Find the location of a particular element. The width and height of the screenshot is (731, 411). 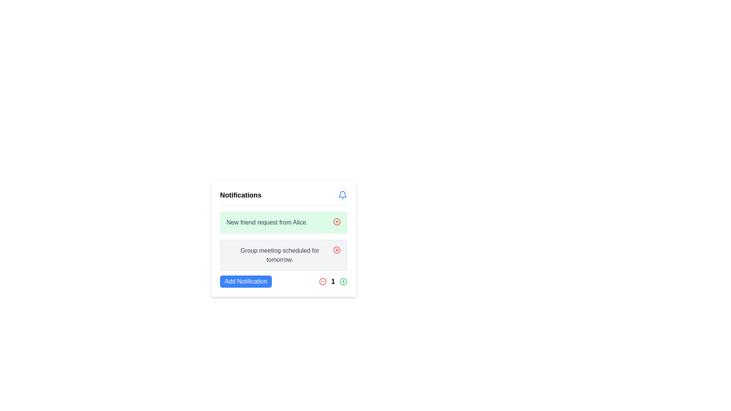

the upper portion of the blue SVG bell icon located in the top-right corner of the notification panel is located at coordinates (342, 194).